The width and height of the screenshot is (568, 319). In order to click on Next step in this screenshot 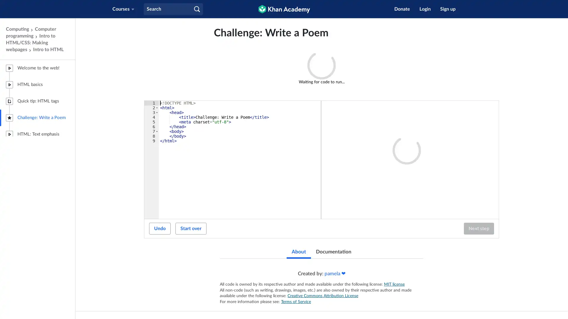, I will do `click(479, 226)`.